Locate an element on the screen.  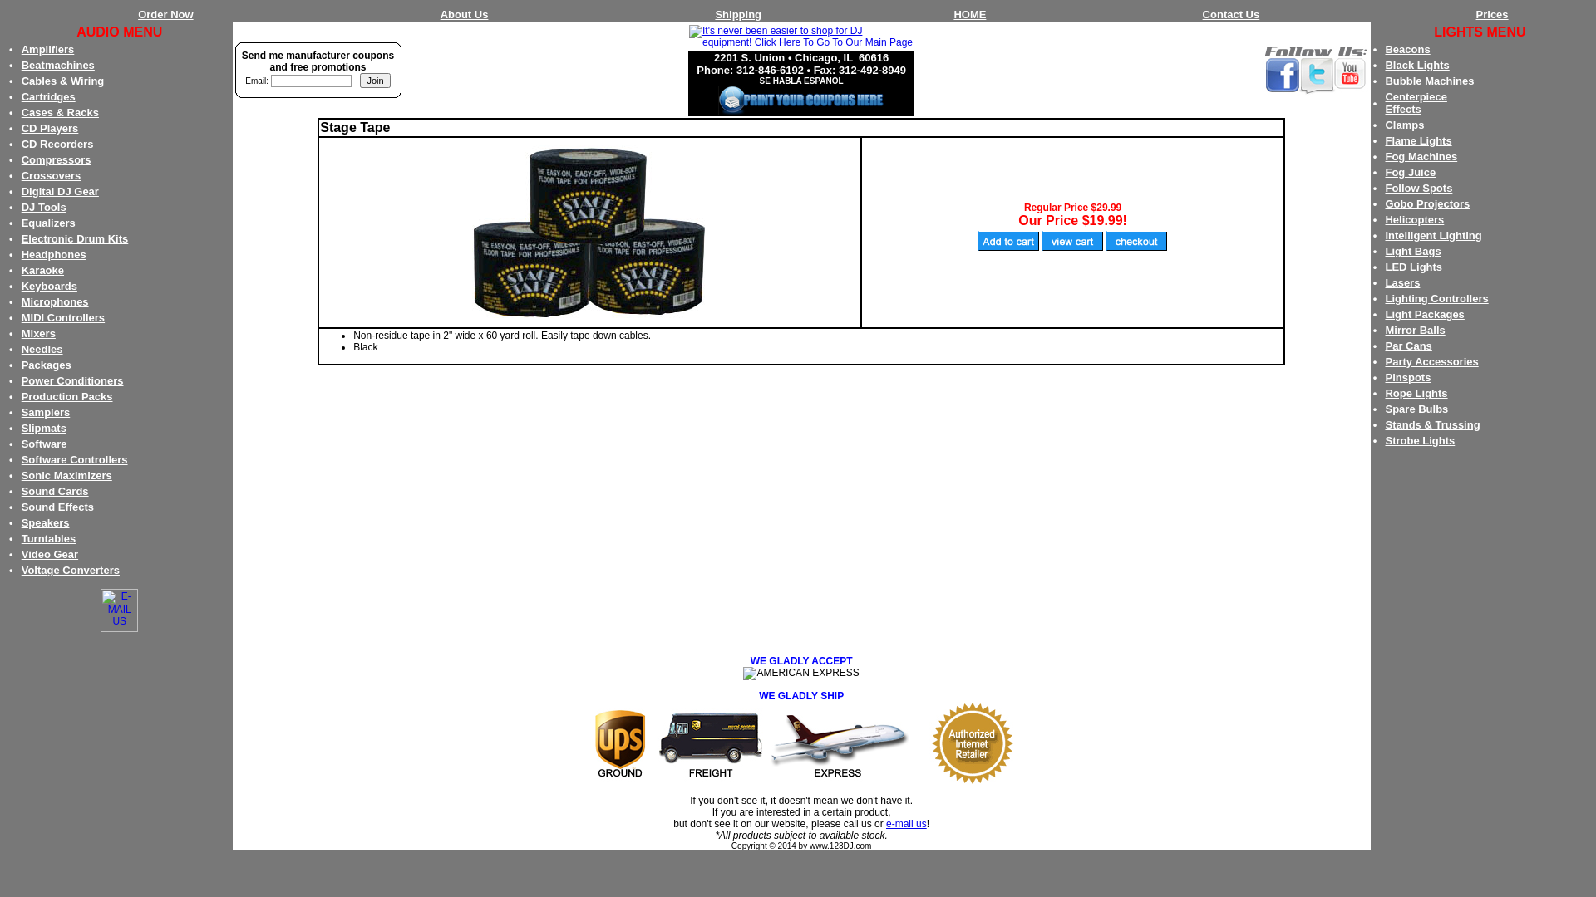
'Mixers' is located at coordinates (21, 333).